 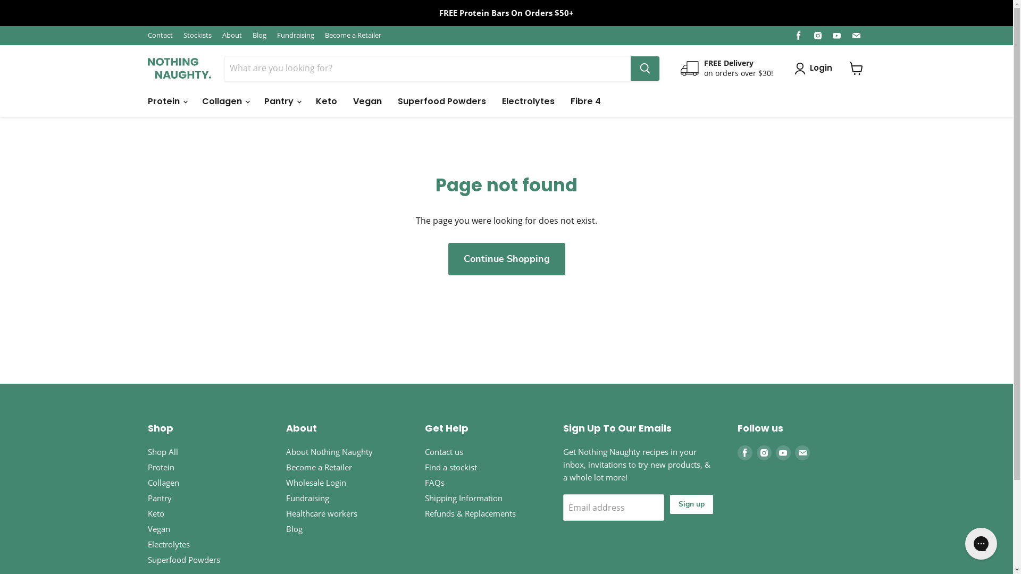 What do you see at coordinates (329, 451) in the screenshot?
I see `'About Nothing Naughty'` at bounding box center [329, 451].